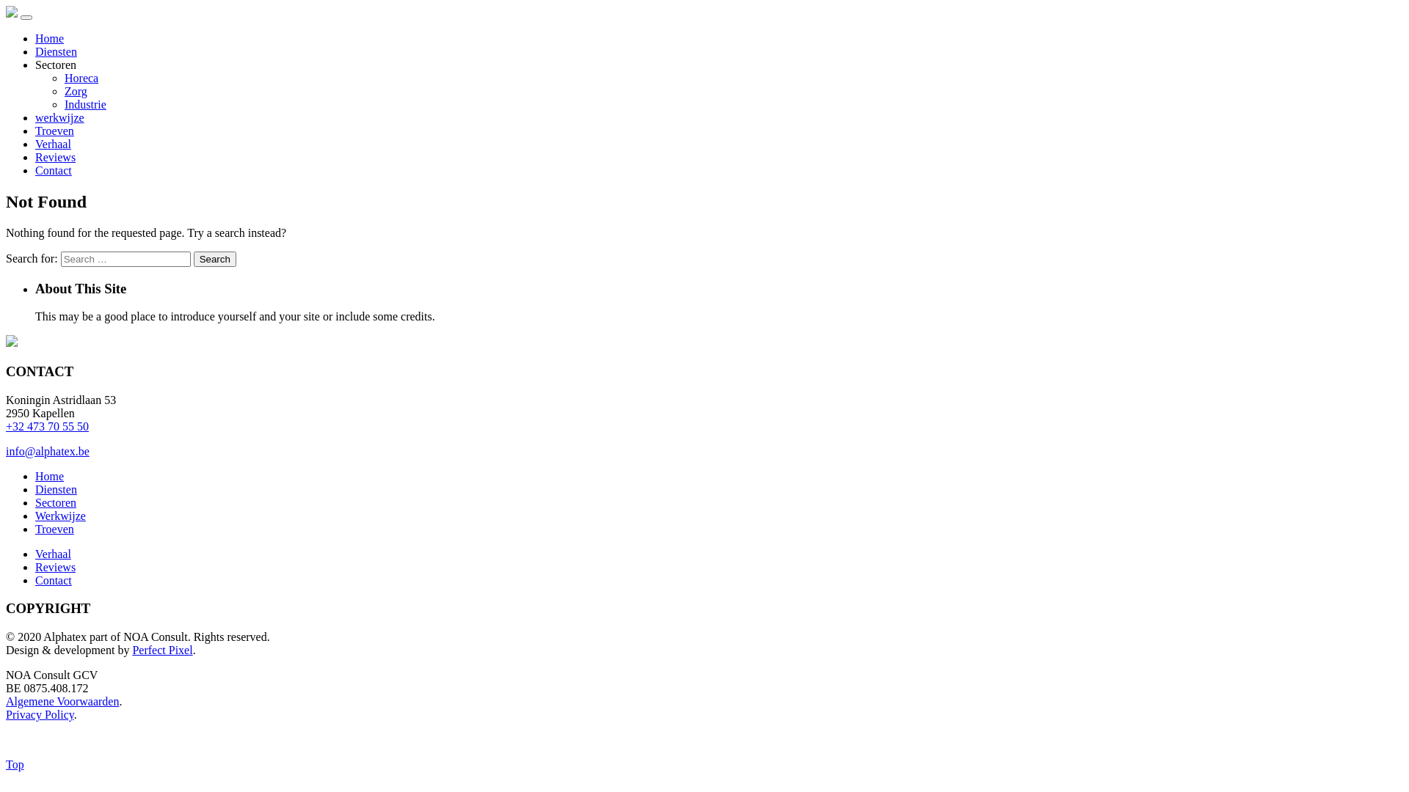  I want to click on 'Home', so click(49, 37).